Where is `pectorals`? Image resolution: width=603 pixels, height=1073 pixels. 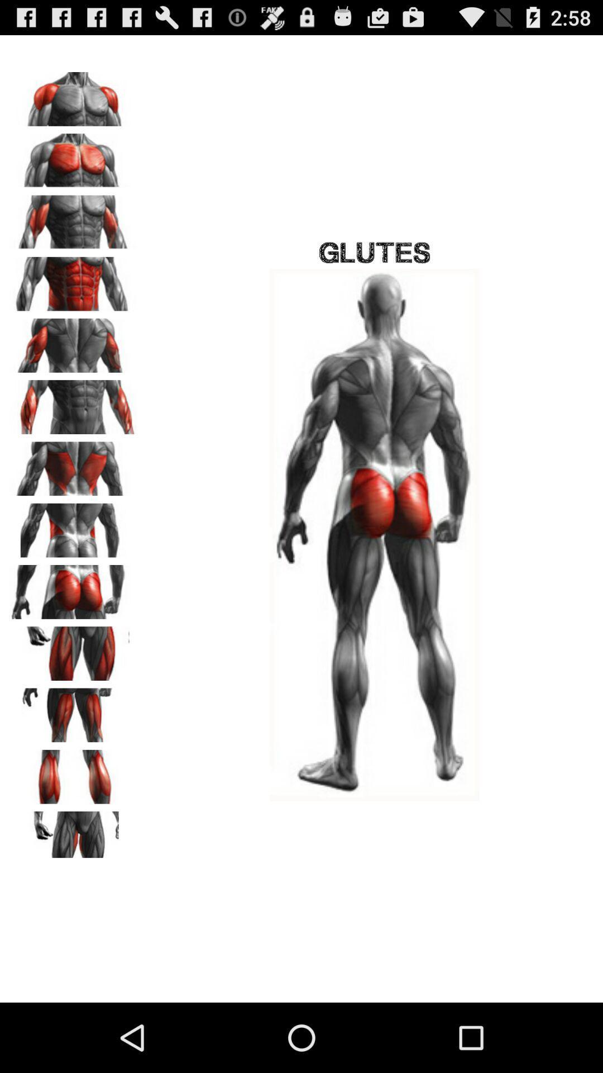 pectorals is located at coordinates (73, 156).